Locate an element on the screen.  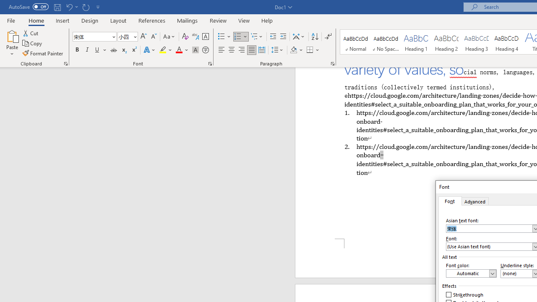
'Shading' is located at coordinates (297, 50).